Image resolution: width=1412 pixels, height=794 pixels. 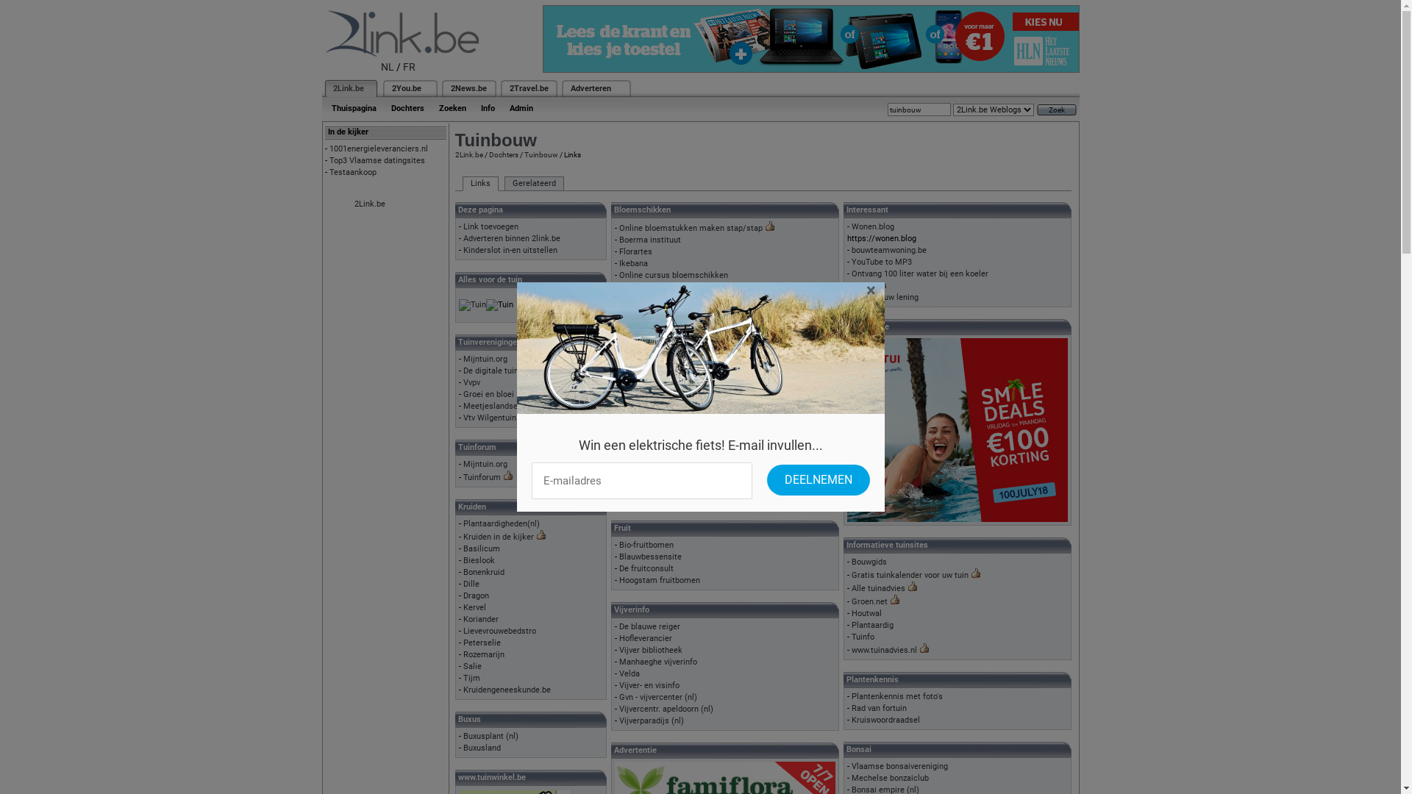 I want to click on 'Buxusland', so click(x=482, y=748).